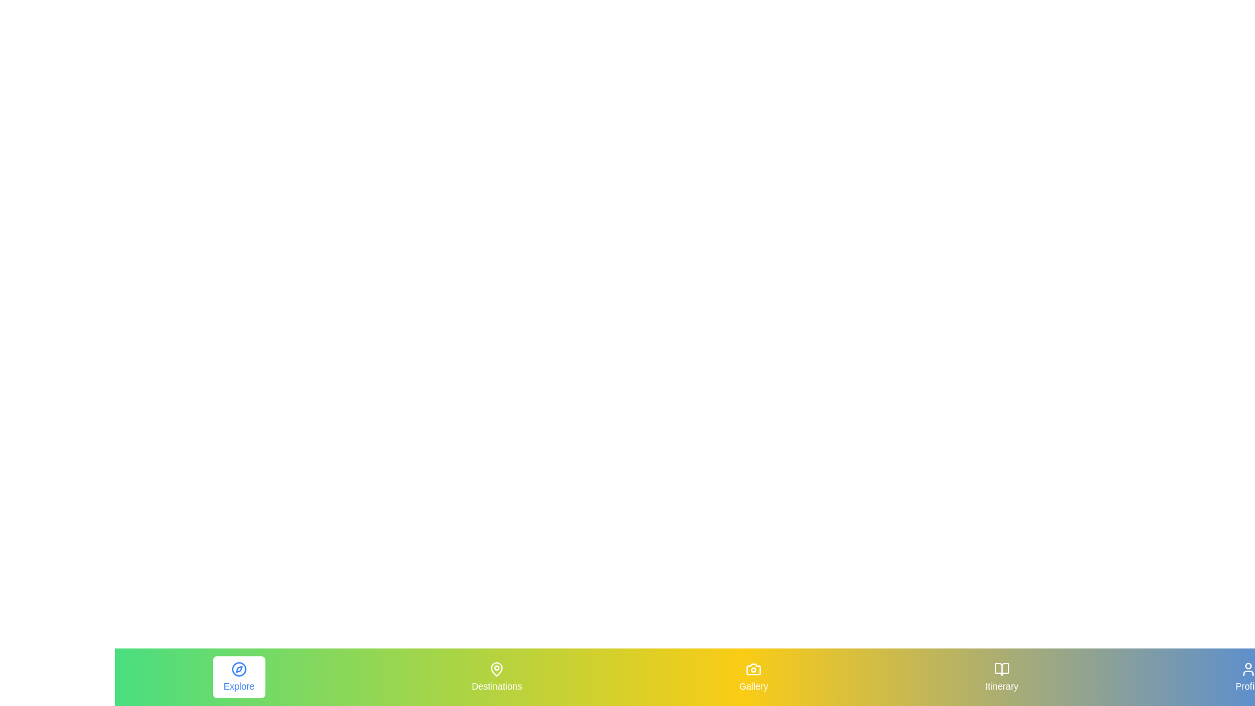 The width and height of the screenshot is (1255, 706). I want to click on the Explore tab by clicking on its respective icon or label, so click(239, 677).